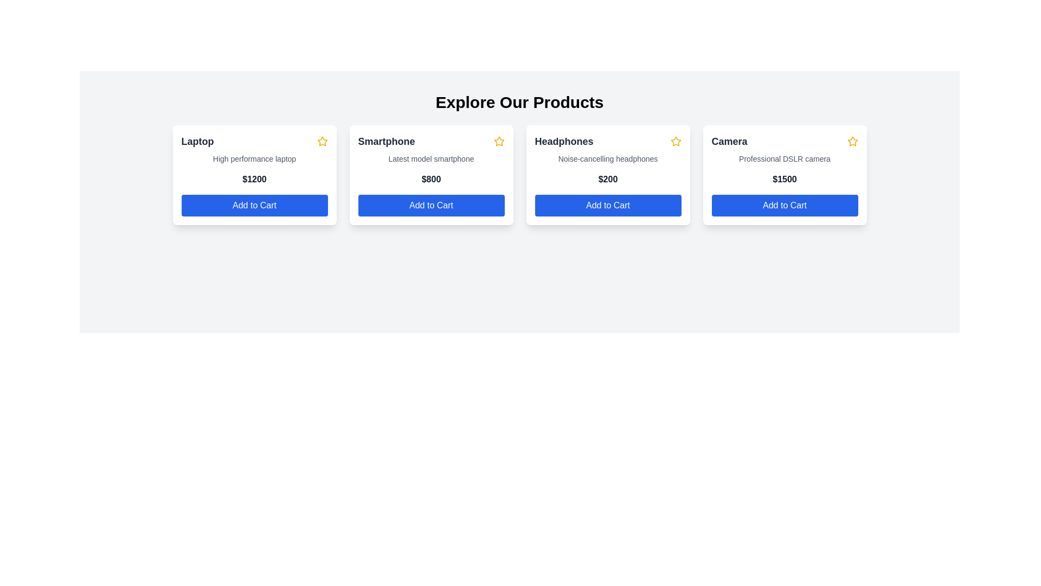 Image resolution: width=1041 pixels, height=586 pixels. What do you see at coordinates (608, 179) in the screenshot?
I see `the text element displaying '$200' in bold within the third product card for accessibility tools` at bounding box center [608, 179].